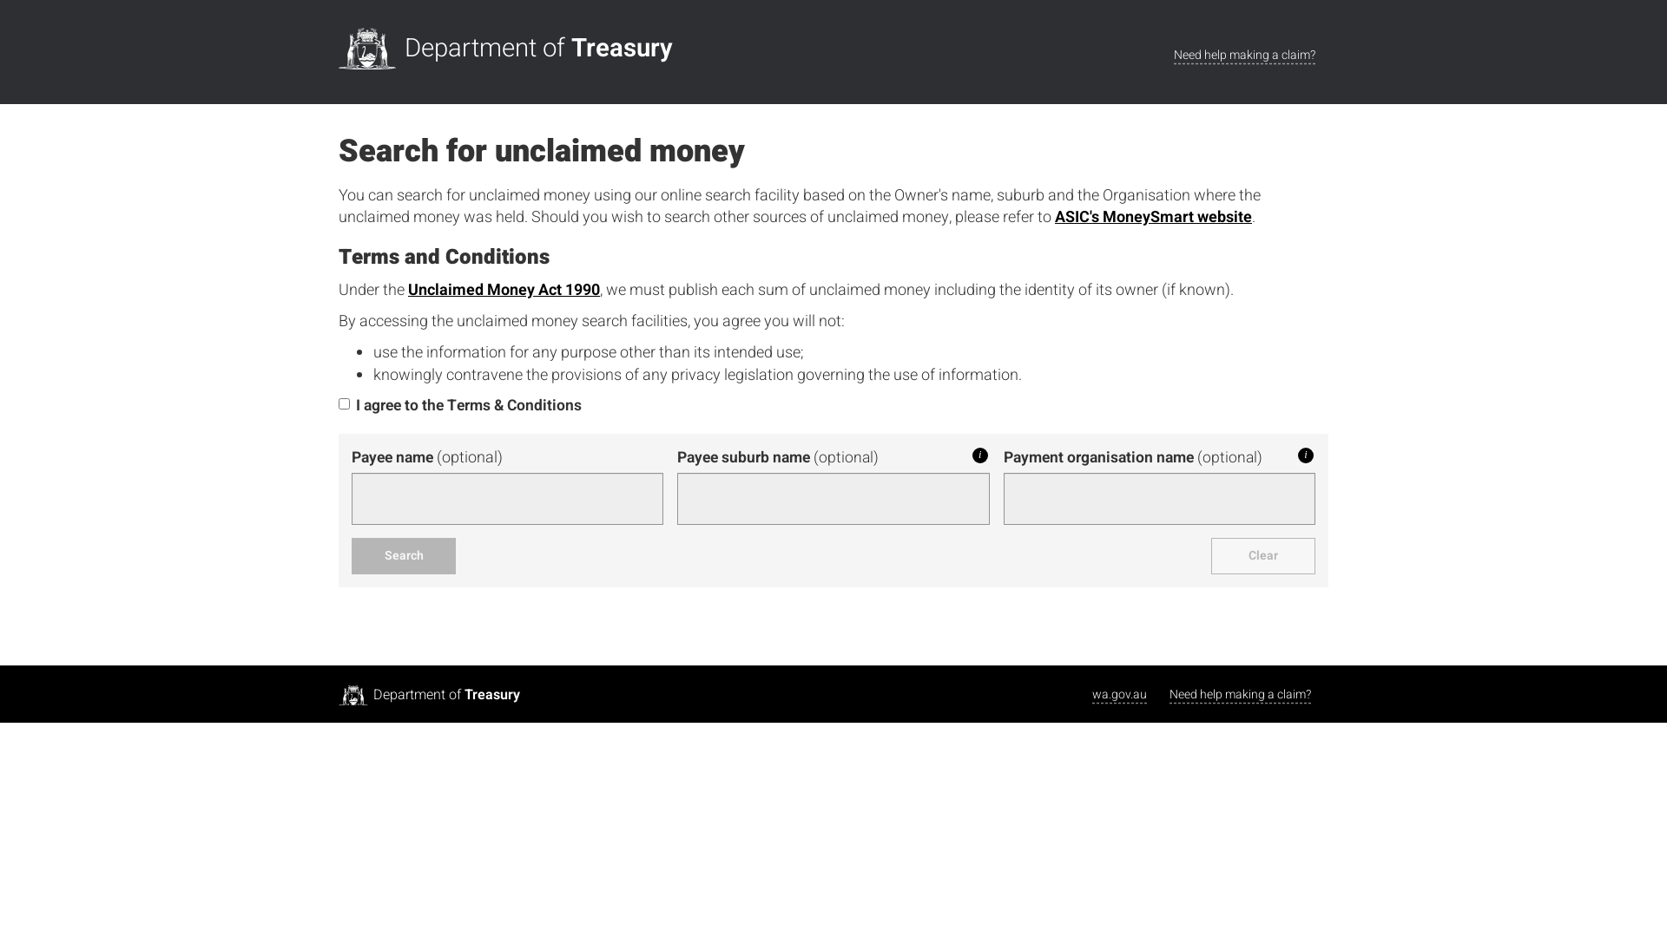 The image size is (1667, 937). I want to click on 'wa.gov.au', so click(1119, 693).